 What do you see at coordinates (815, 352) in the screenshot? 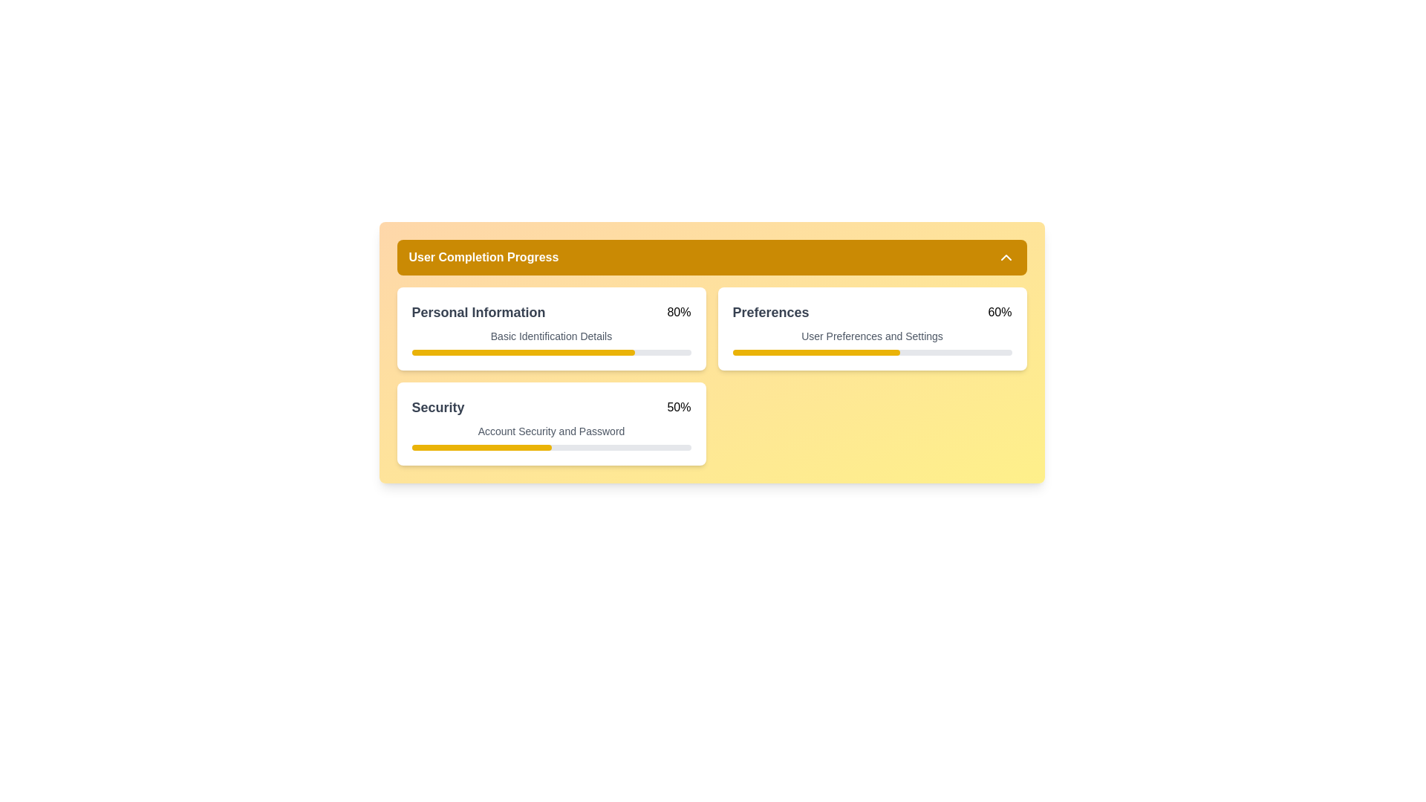
I see `the filled portion of the progress bar indicating that 60% of the task associated with 'Preferences' has been completed` at bounding box center [815, 352].